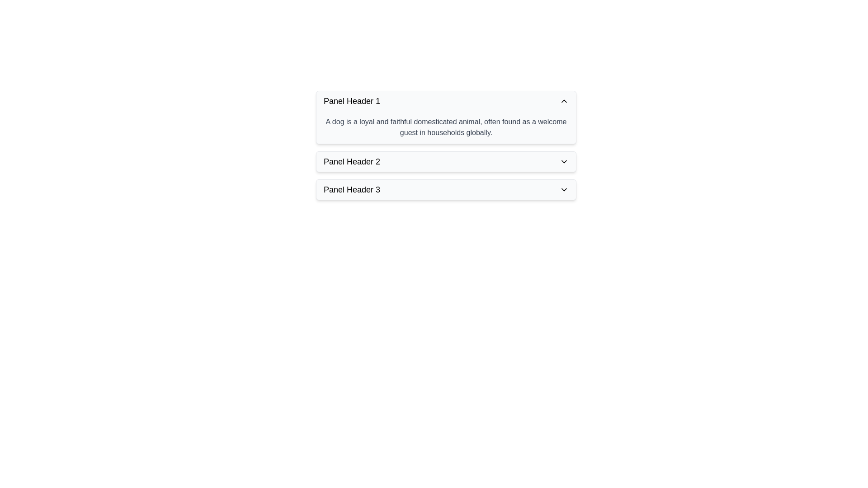  Describe the element at coordinates (351, 161) in the screenshot. I see `the 'Panel Header 2' text label` at that location.